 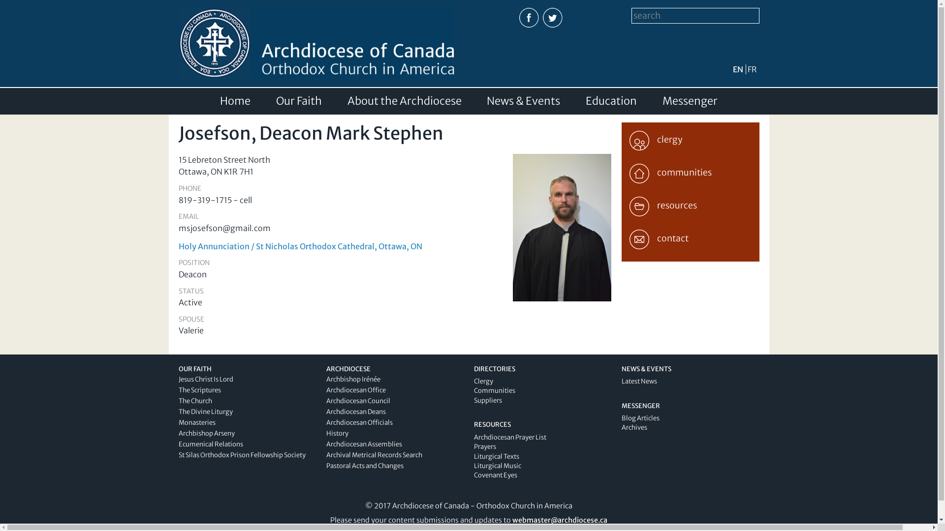 I want to click on 'The Church', so click(x=194, y=401).